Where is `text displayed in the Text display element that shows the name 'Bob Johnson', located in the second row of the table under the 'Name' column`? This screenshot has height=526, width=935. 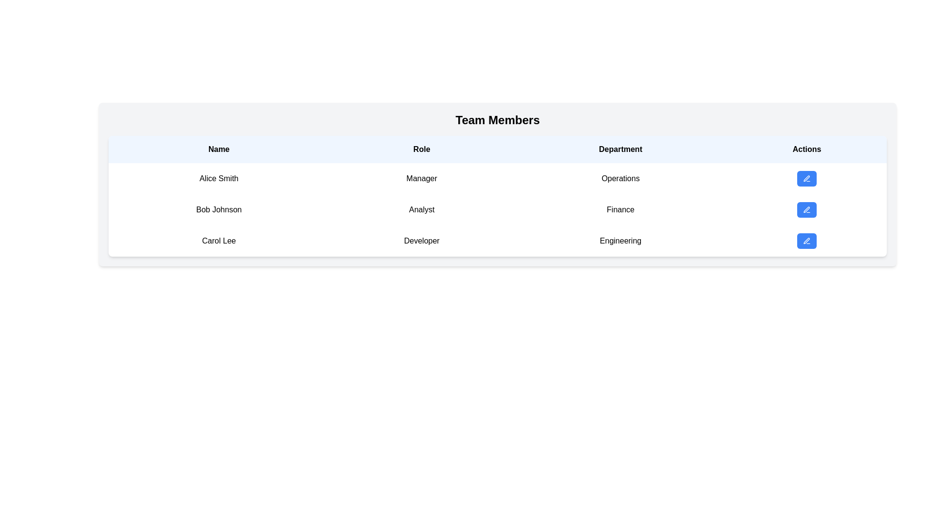 text displayed in the Text display element that shows the name 'Bob Johnson', located in the second row of the table under the 'Name' column is located at coordinates (218, 209).